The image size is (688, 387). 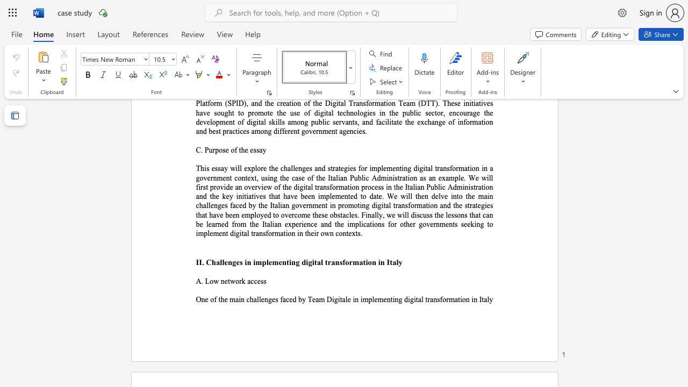 I want to click on the 1th character "T" in the text, so click(x=309, y=299).